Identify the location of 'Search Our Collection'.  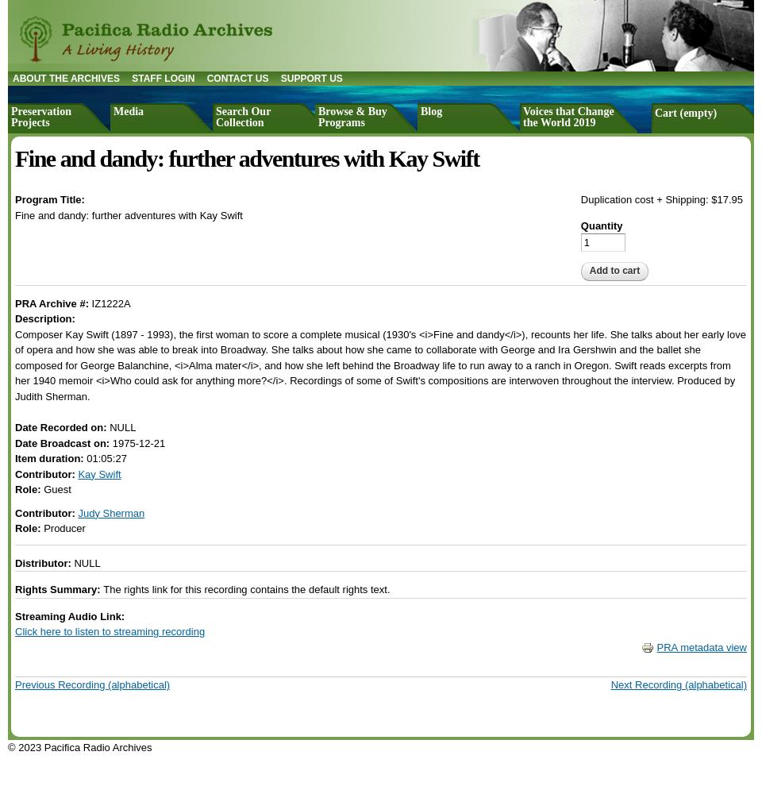
(243, 117).